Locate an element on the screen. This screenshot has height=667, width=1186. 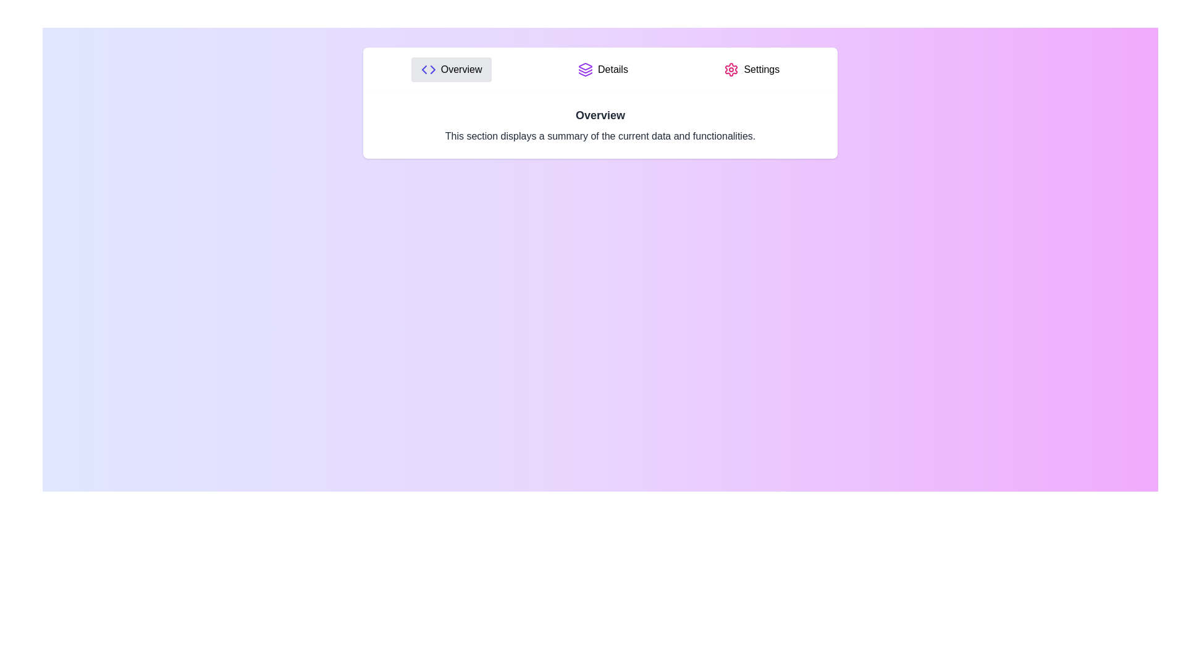
the bold header labeled 'Overview' is located at coordinates (600, 115).